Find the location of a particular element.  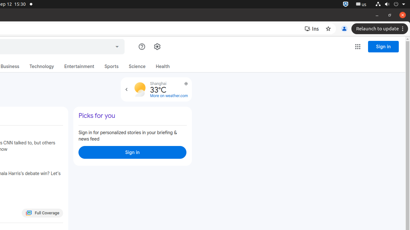

'More on weather.com' is located at coordinates (169, 96).